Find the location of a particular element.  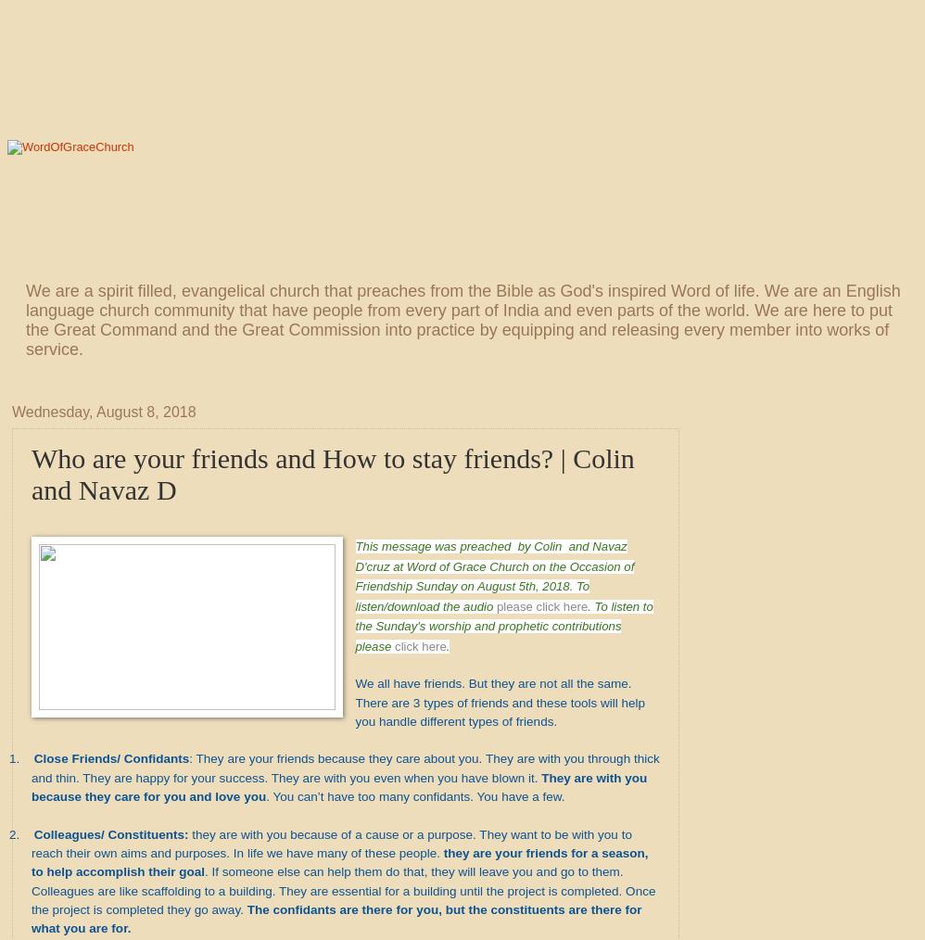

'2.' is located at coordinates (14, 832).